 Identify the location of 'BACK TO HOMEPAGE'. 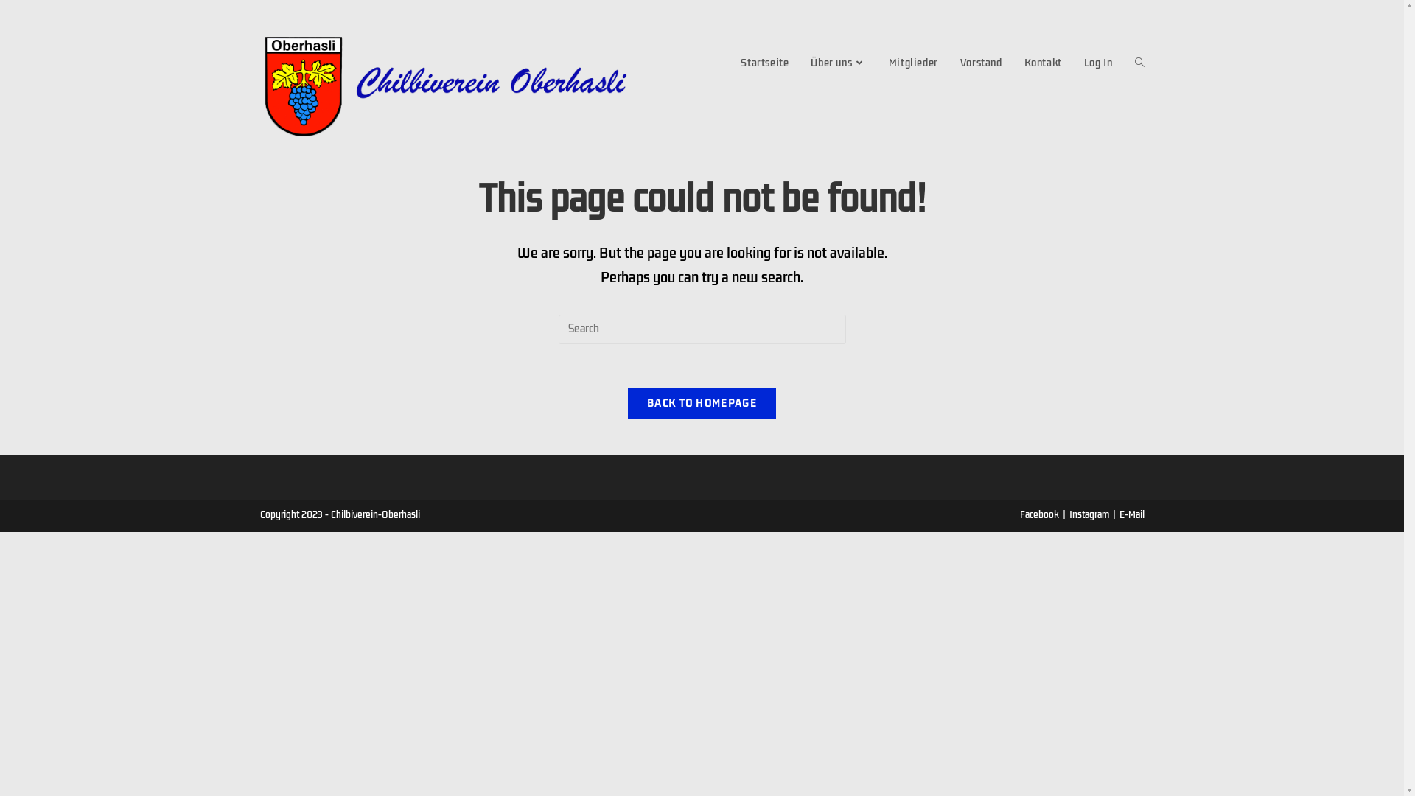
(701, 403).